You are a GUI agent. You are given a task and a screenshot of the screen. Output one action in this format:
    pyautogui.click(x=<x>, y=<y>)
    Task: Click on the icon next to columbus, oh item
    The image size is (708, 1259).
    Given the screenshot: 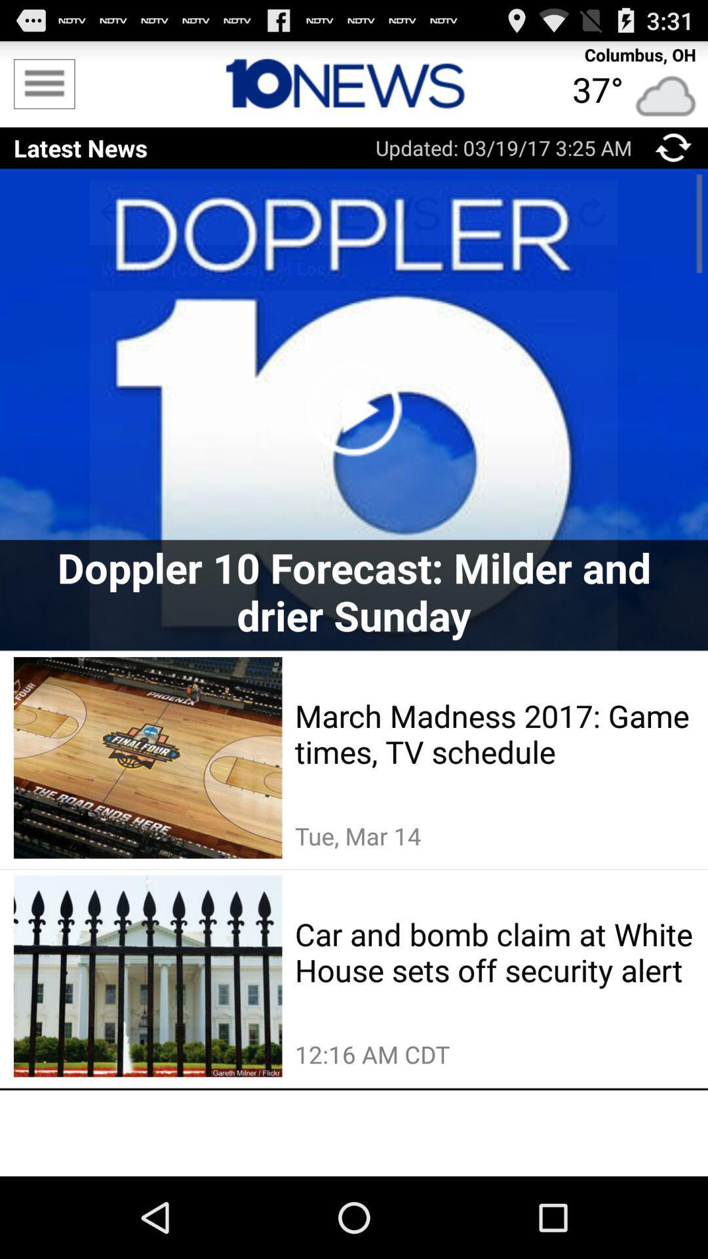 What is the action you would take?
    pyautogui.click(x=354, y=83)
    